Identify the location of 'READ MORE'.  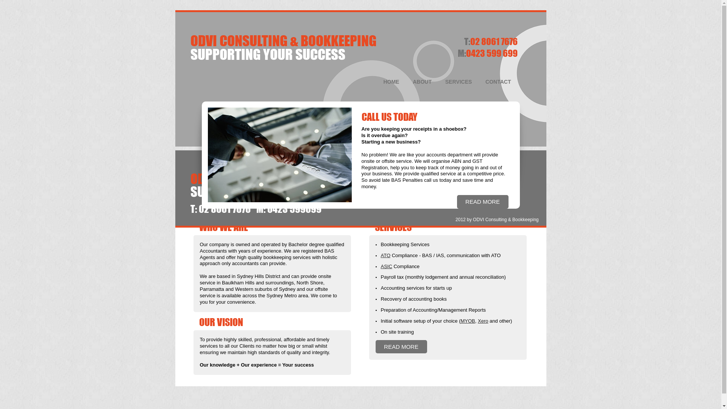
(482, 202).